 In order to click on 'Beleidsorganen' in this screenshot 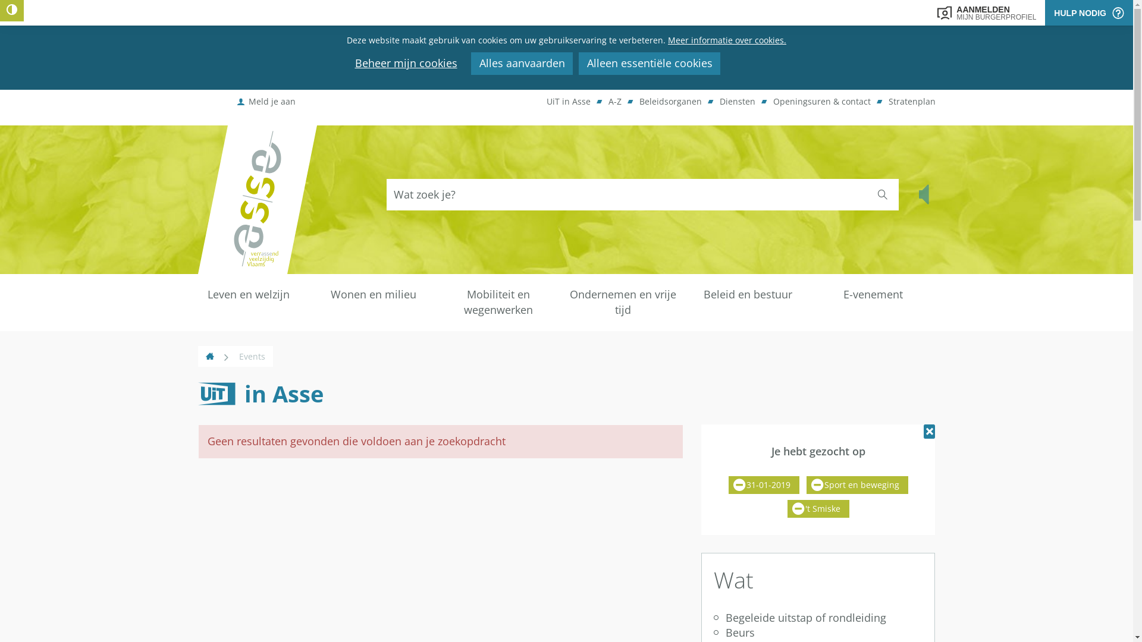, I will do `click(670, 101)`.